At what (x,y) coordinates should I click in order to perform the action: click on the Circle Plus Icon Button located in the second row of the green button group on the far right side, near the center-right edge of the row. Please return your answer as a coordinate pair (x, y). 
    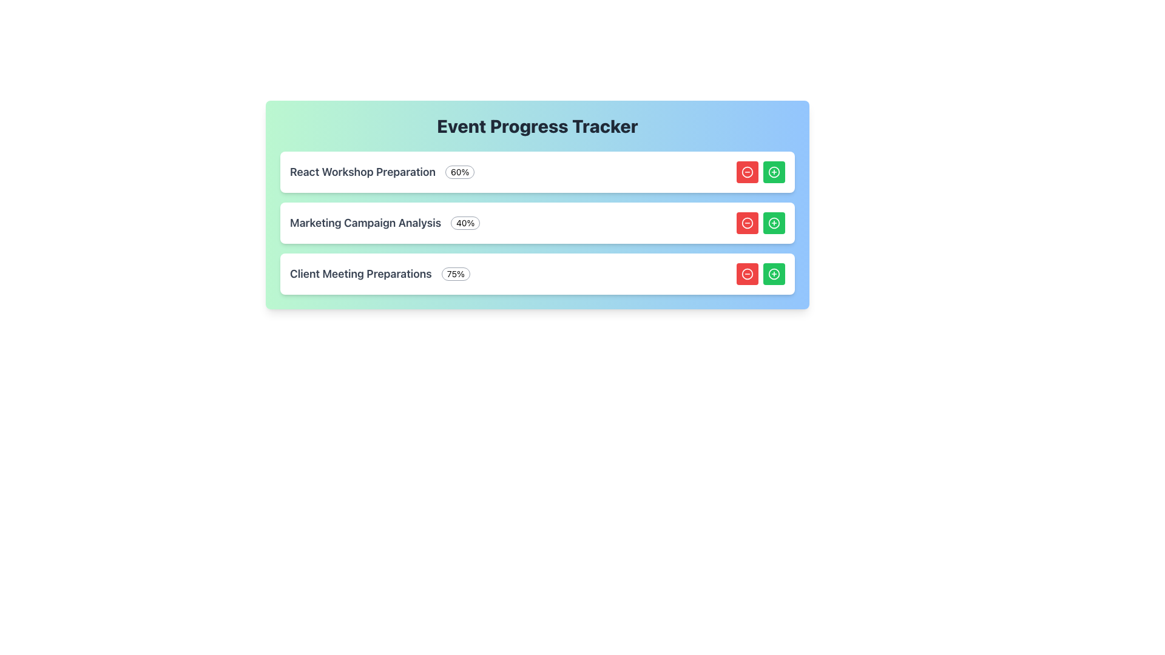
    Looking at the image, I should click on (774, 223).